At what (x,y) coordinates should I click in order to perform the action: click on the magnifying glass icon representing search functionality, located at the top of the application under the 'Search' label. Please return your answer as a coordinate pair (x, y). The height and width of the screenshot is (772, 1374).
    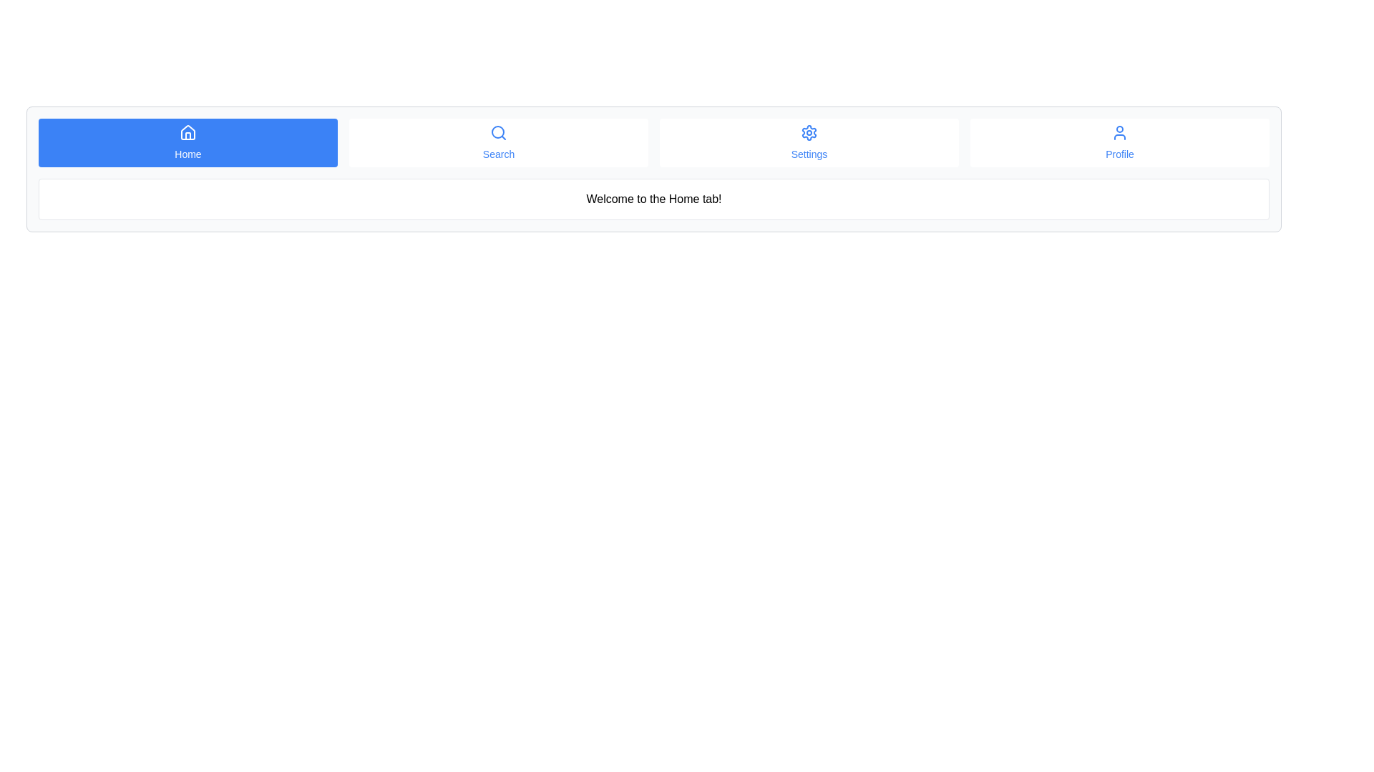
    Looking at the image, I should click on (498, 132).